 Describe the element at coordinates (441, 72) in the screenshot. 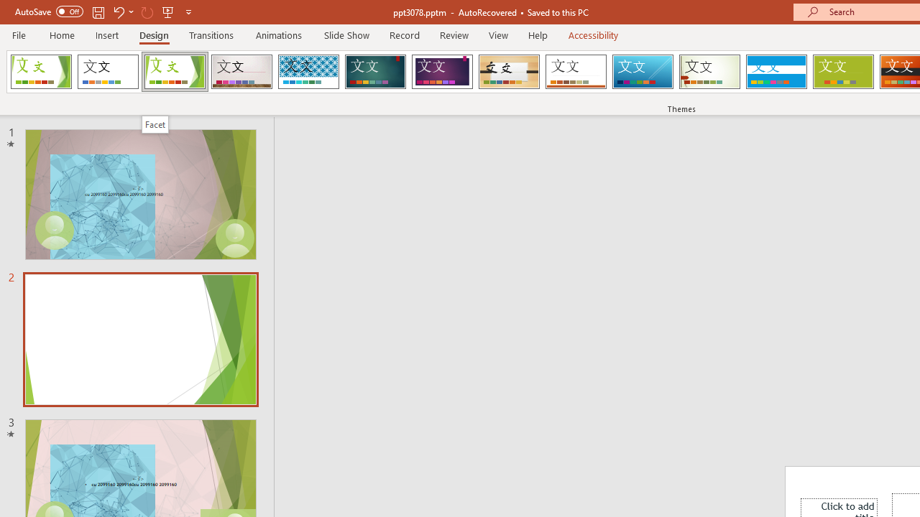

I see `'Ion Boardroom'` at that location.